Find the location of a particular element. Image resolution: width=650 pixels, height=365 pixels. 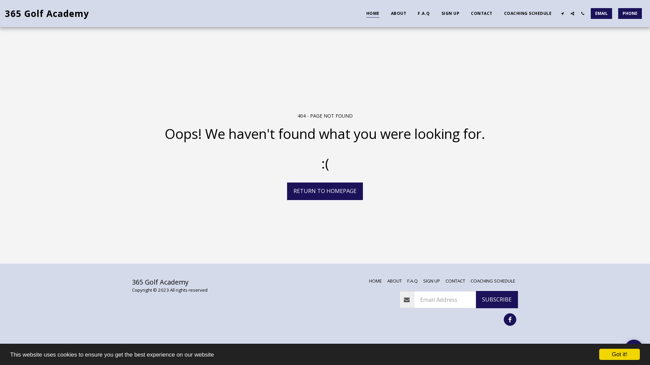

'SIGN UP' is located at coordinates (431, 281).